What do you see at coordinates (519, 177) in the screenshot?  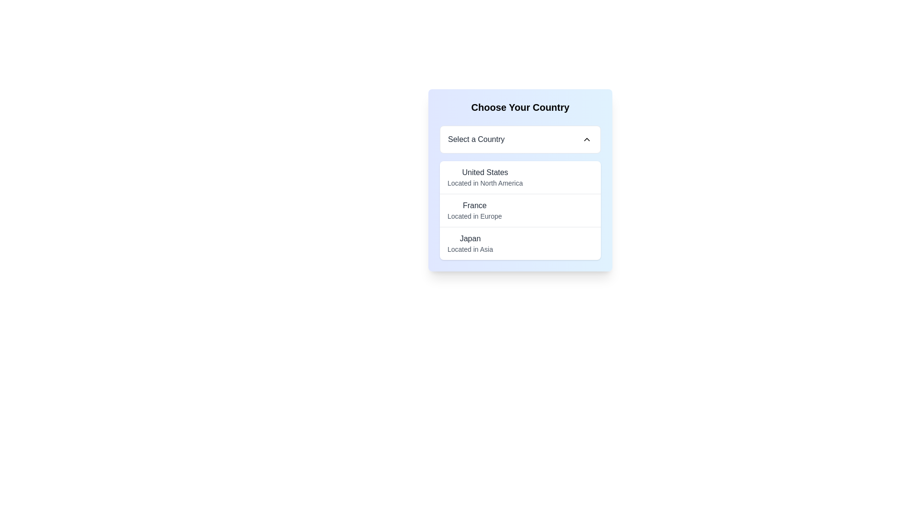 I see `the first selectable option in the list located beneath the 'Select a Country' drop-down and above 'France'` at bounding box center [519, 177].